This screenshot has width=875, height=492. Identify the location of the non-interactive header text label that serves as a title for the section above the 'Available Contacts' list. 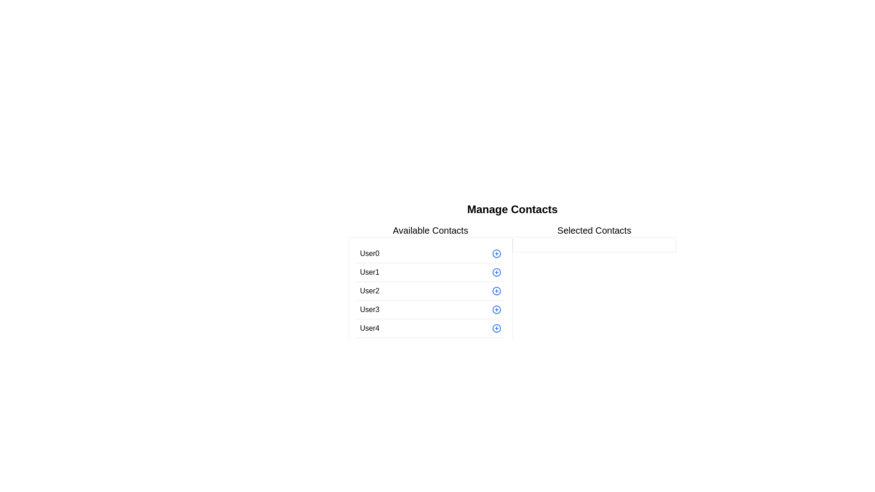
(430, 230).